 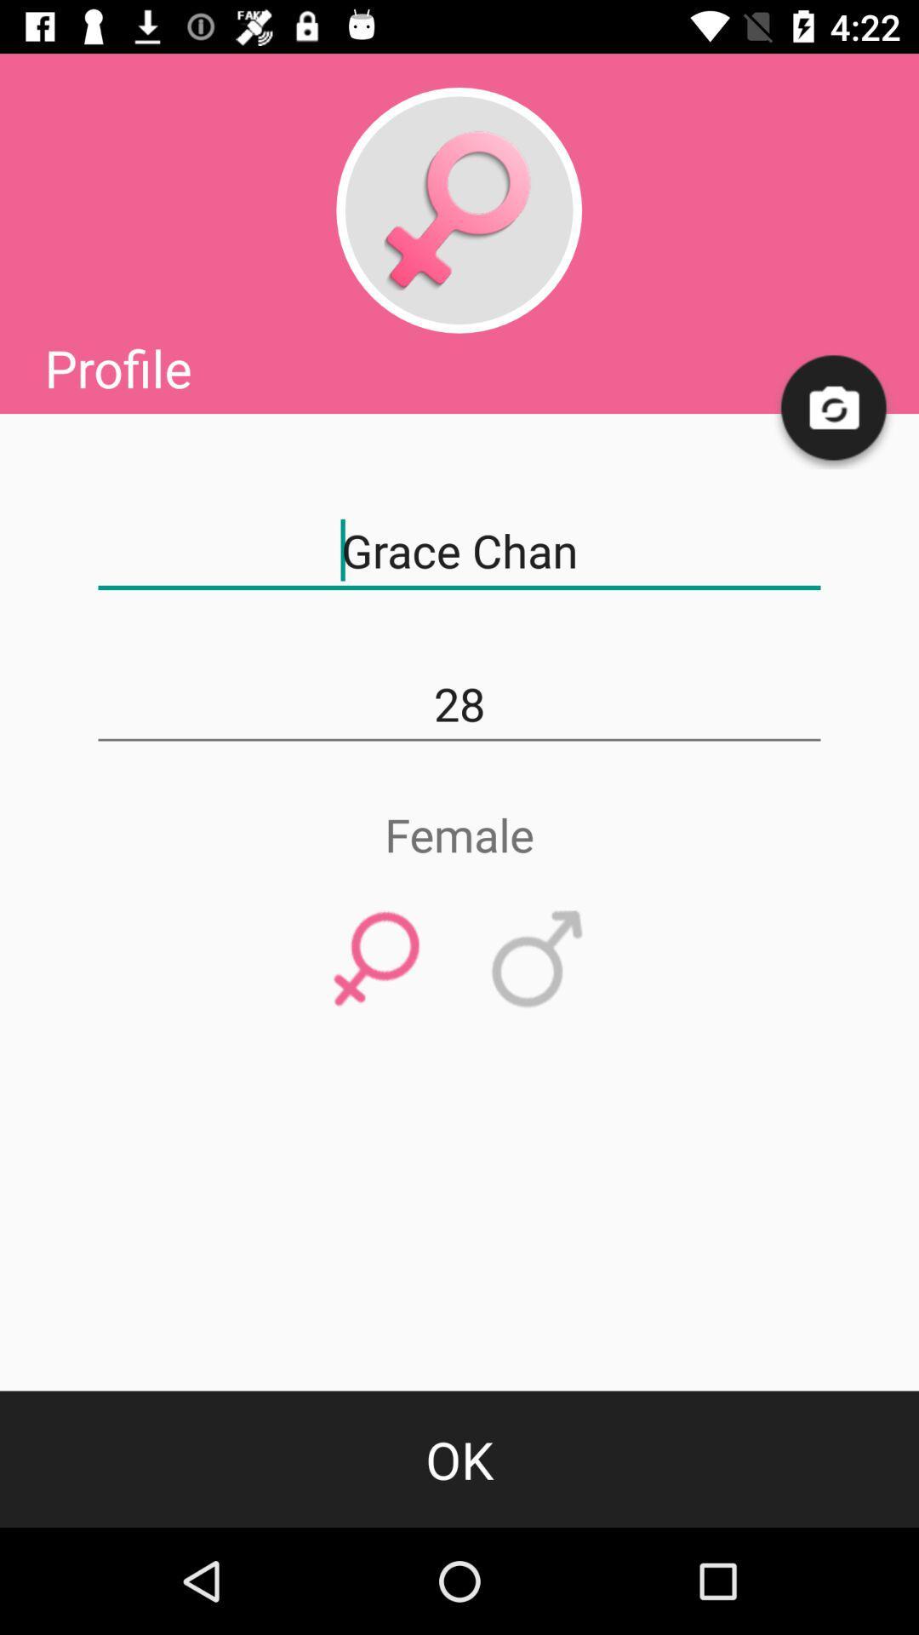 I want to click on 28, so click(x=459, y=704).